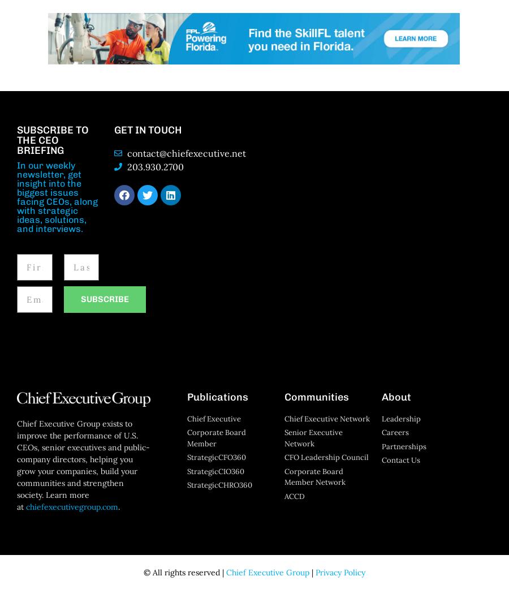  What do you see at coordinates (80, 298) in the screenshot?
I see `'Subscribe'` at bounding box center [80, 298].